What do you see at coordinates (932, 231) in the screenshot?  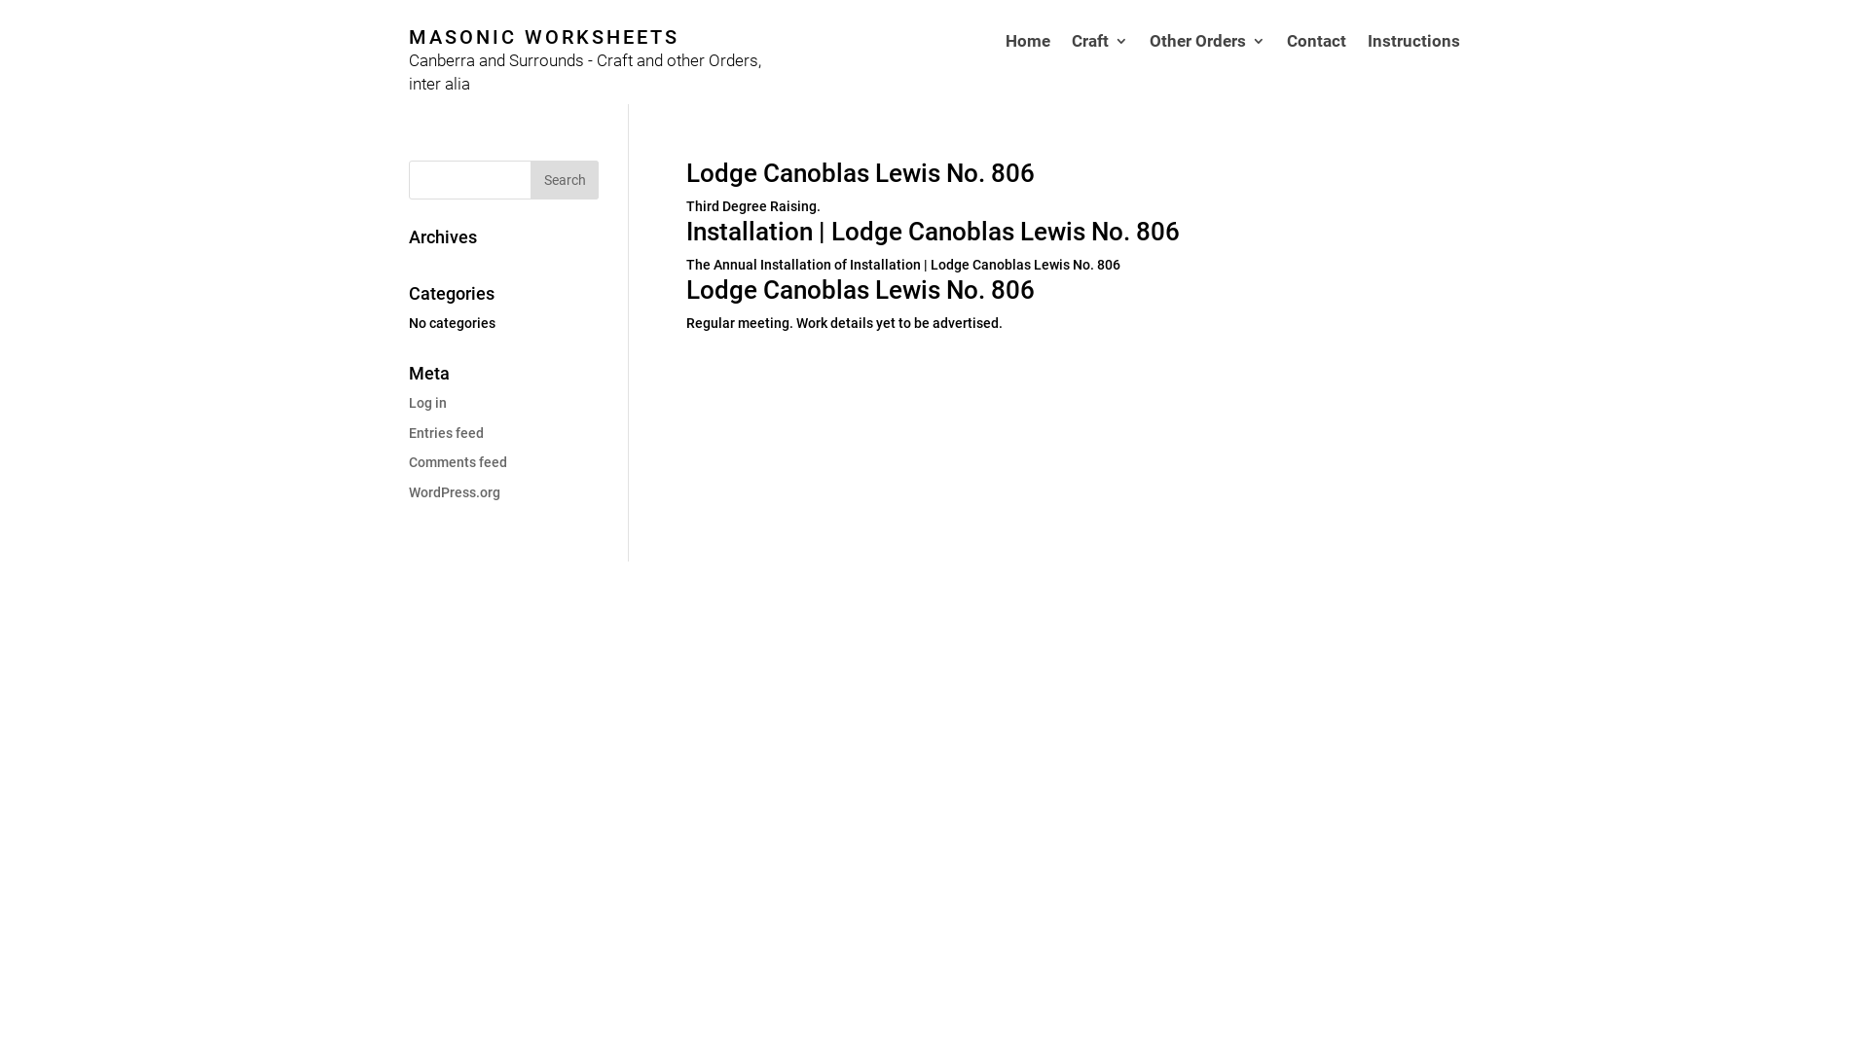 I see `'Installation | Lodge Canoblas Lewis No. 806'` at bounding box center [932, 231].